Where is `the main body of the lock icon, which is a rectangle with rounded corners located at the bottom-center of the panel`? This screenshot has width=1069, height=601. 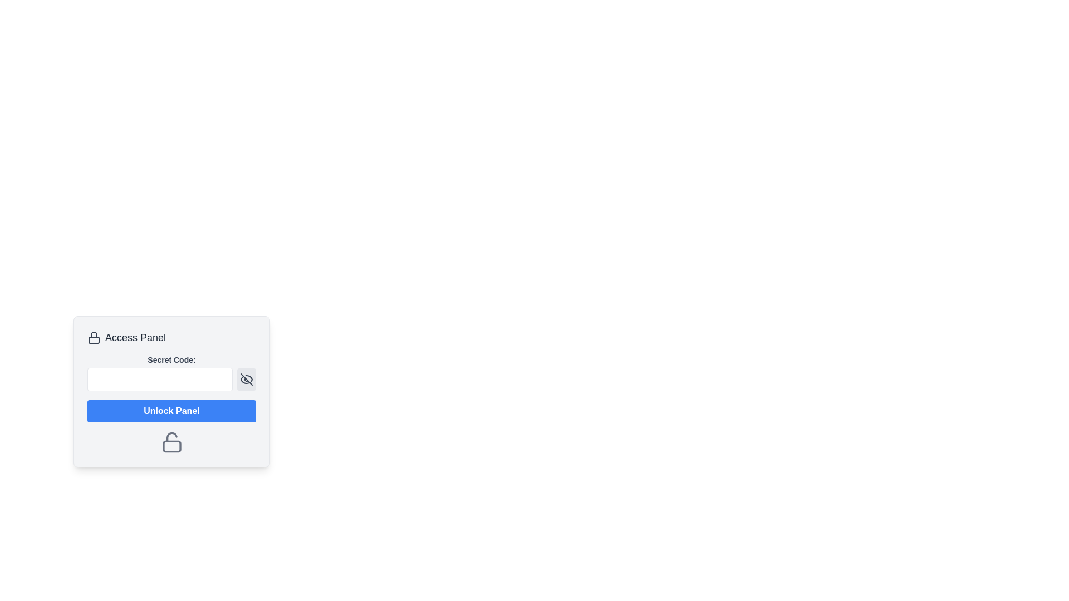 the main body of the lock icon, which is a rectangle with rounded corners located at the bottom-center of the panel is located at coordinates (94, 339).